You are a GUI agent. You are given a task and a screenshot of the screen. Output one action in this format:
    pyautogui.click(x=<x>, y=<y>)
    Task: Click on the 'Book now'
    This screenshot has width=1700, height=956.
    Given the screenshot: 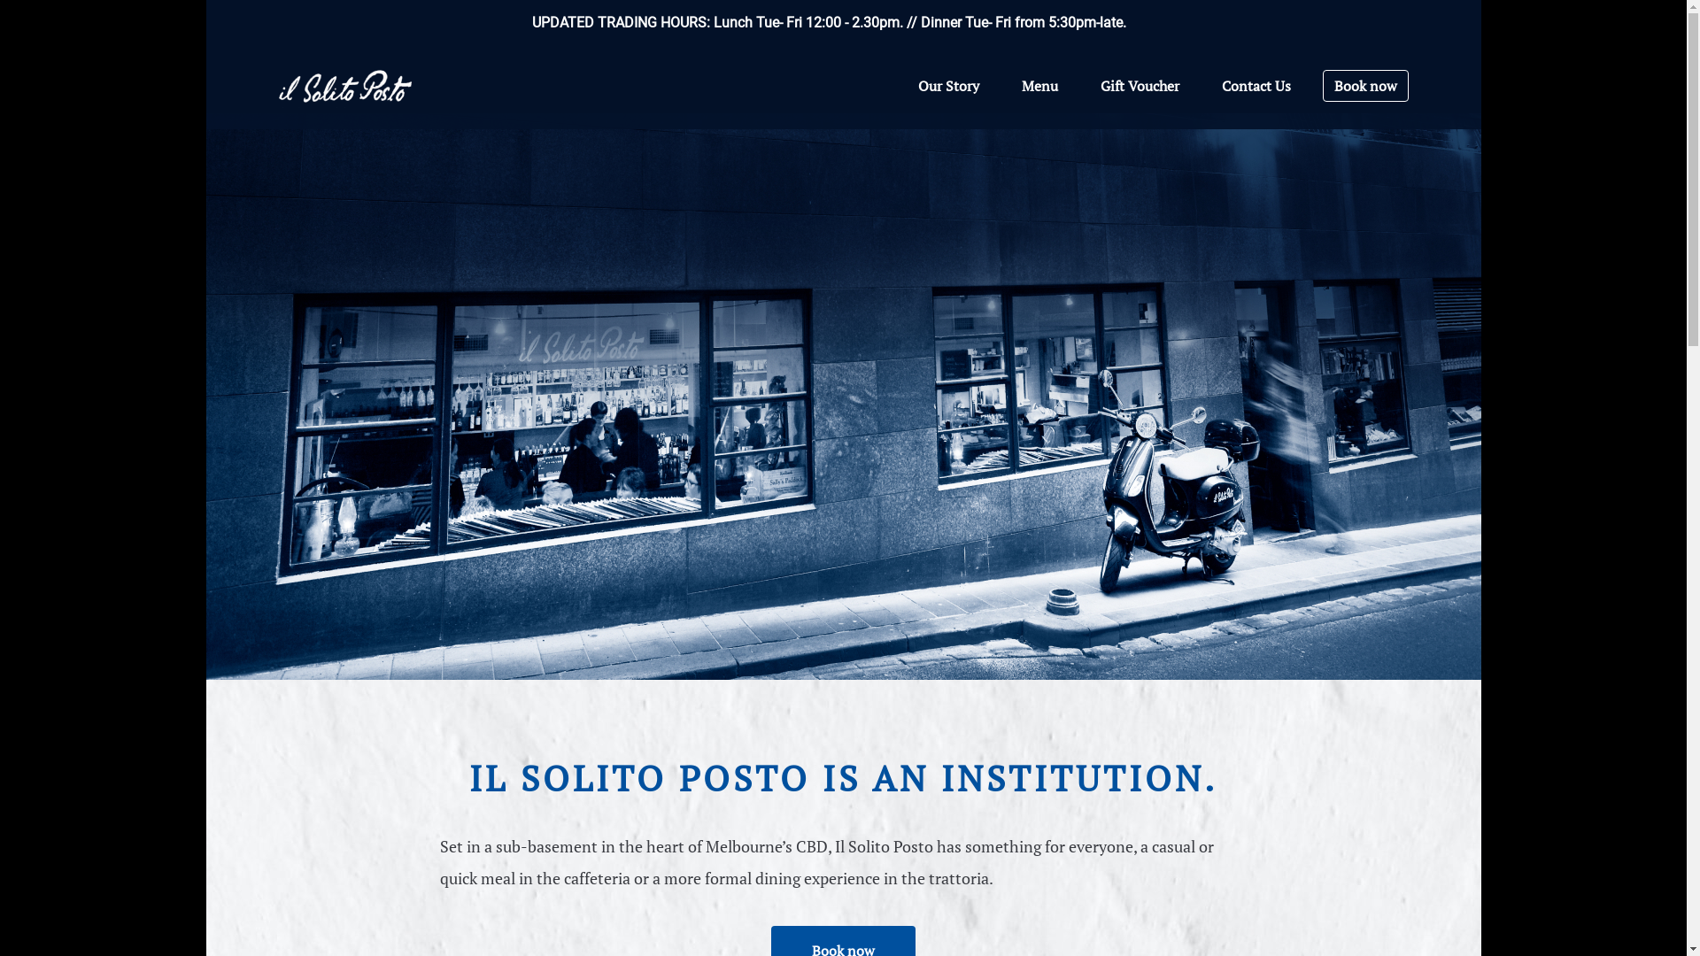 What is the action you would take?
    pyautogui.click(x=1364, y=85)
    